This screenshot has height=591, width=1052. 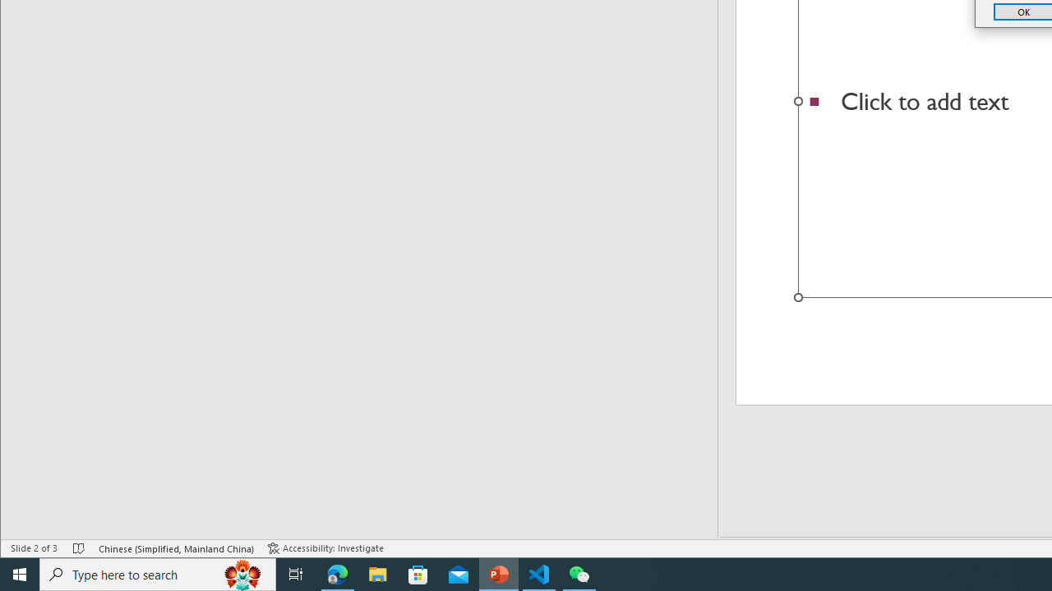 I want to click on 'Task View', so click(x=295, y=573).